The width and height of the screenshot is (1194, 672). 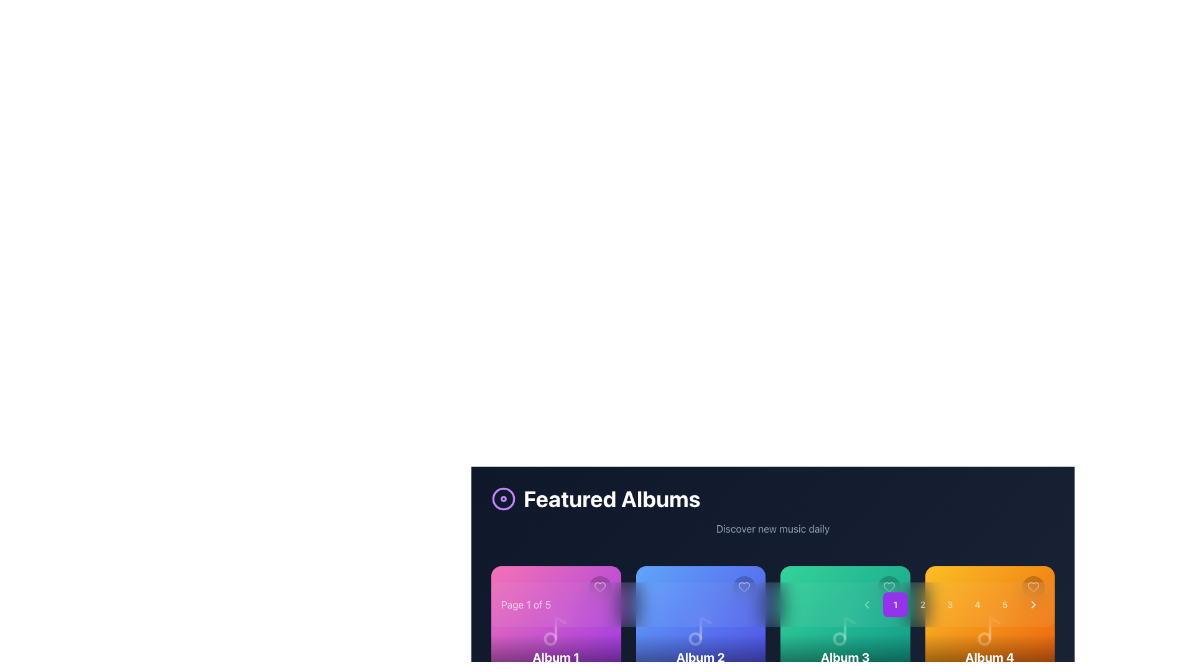 I want to click on the 'Album 3' text label, which is a bold, large white text centered in the footer of the third album card, so click(x=845, y=656).